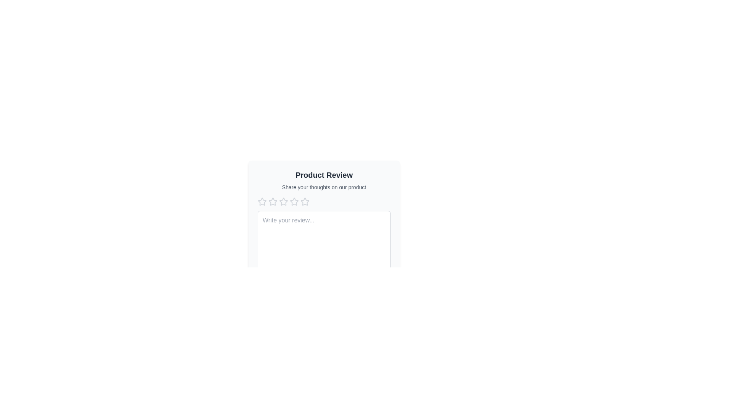 This screenshot has height=412, width=733. I want to click on the second star icon in the rating system below the 'Product Review' heading, so click(294, 201).